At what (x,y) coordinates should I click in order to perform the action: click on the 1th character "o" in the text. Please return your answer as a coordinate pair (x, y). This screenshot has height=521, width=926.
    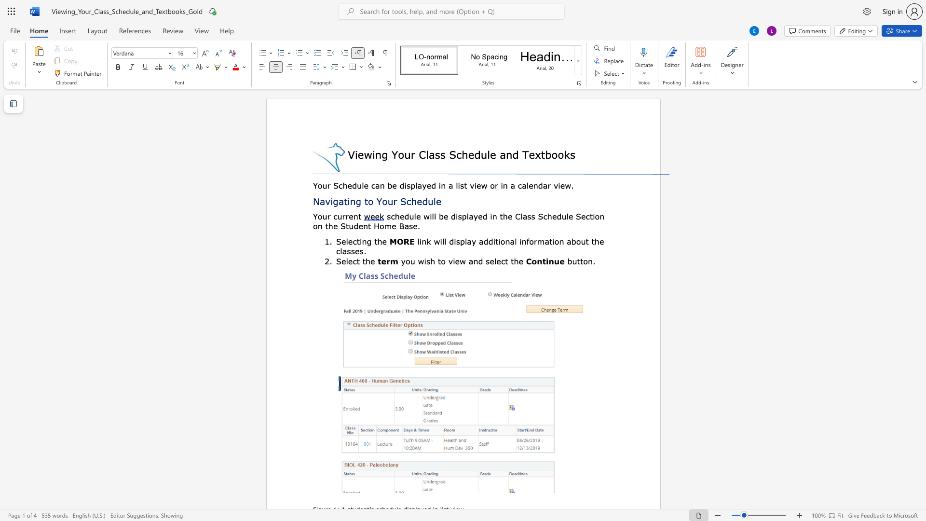
    Looking at the image, I should click on (401, 154).